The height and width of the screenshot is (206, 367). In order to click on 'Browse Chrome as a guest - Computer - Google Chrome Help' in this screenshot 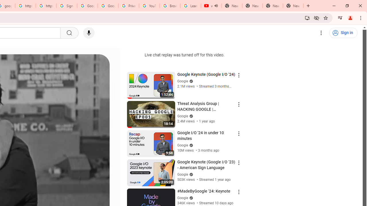, I will do `click(169, 6)`.